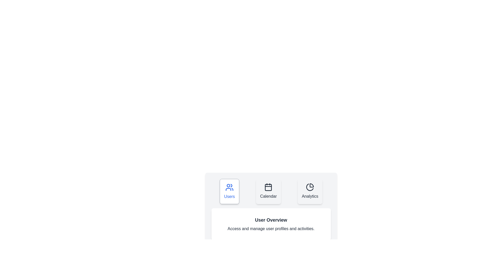 Image resolution: width=494 pixels, height=278 pixels. Describe the element at coordinates (271, 192) in the screenshot. I see `the 'Calendar' button with icon, which is centrally aligned above the 'User Overview' section` at that location.